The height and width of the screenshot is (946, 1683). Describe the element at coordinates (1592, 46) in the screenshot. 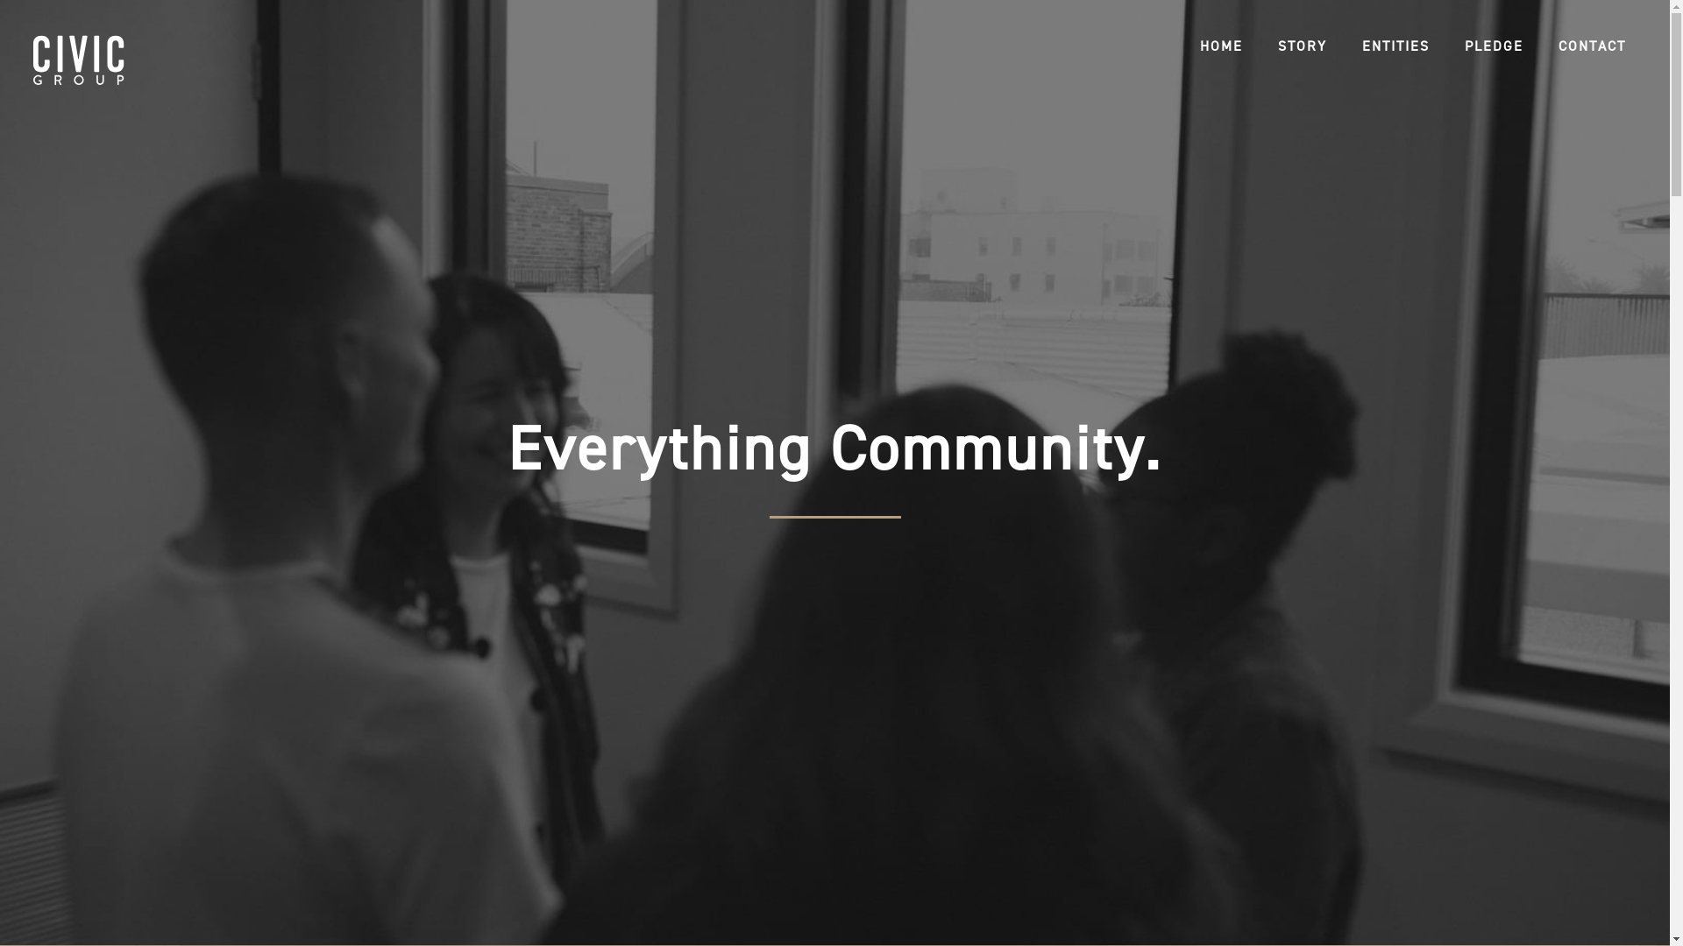

I see `'CONTACT'` at that location.